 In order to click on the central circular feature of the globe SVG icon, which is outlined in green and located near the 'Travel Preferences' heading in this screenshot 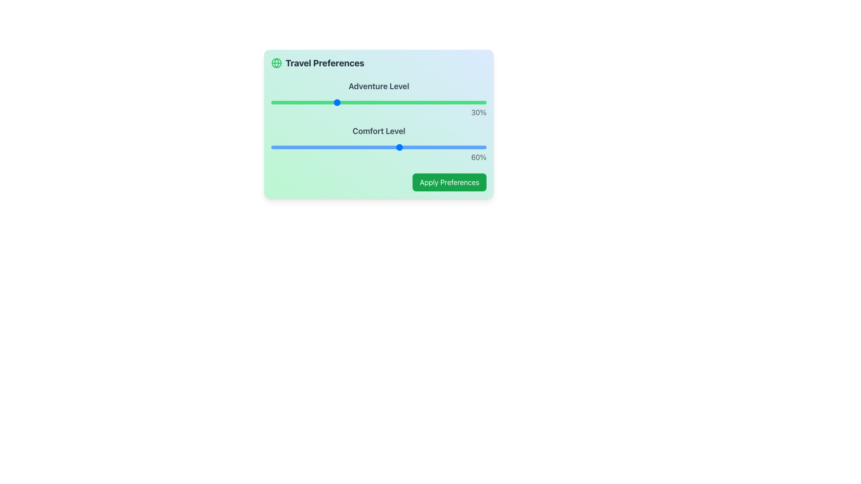, I will do `click(276, 63)`.